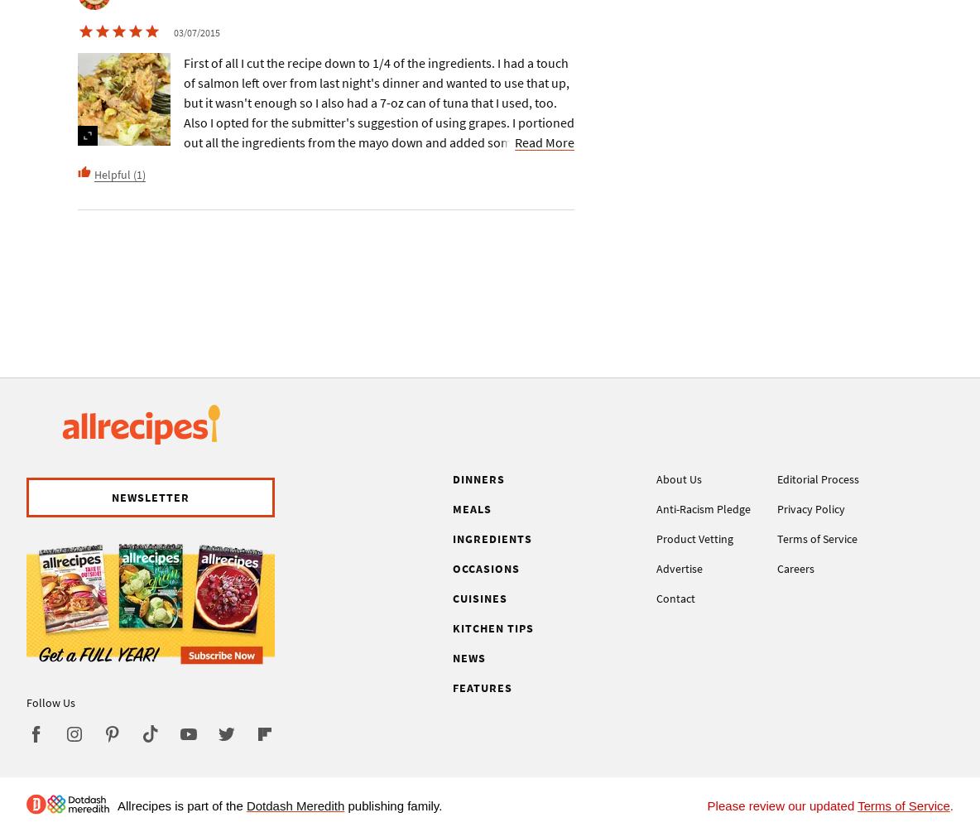  I want to click on 'Editorial Process', so click(775, 479).